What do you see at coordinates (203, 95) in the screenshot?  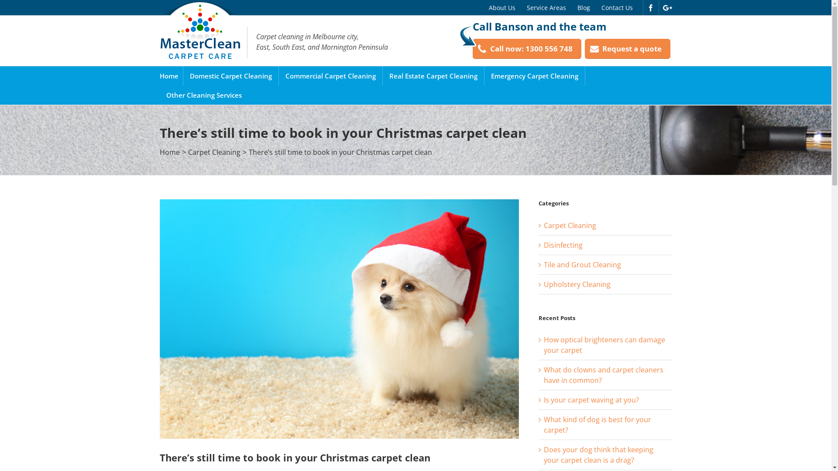 I see `'Other Cleaning Services'` at bounding box center [203, 95].